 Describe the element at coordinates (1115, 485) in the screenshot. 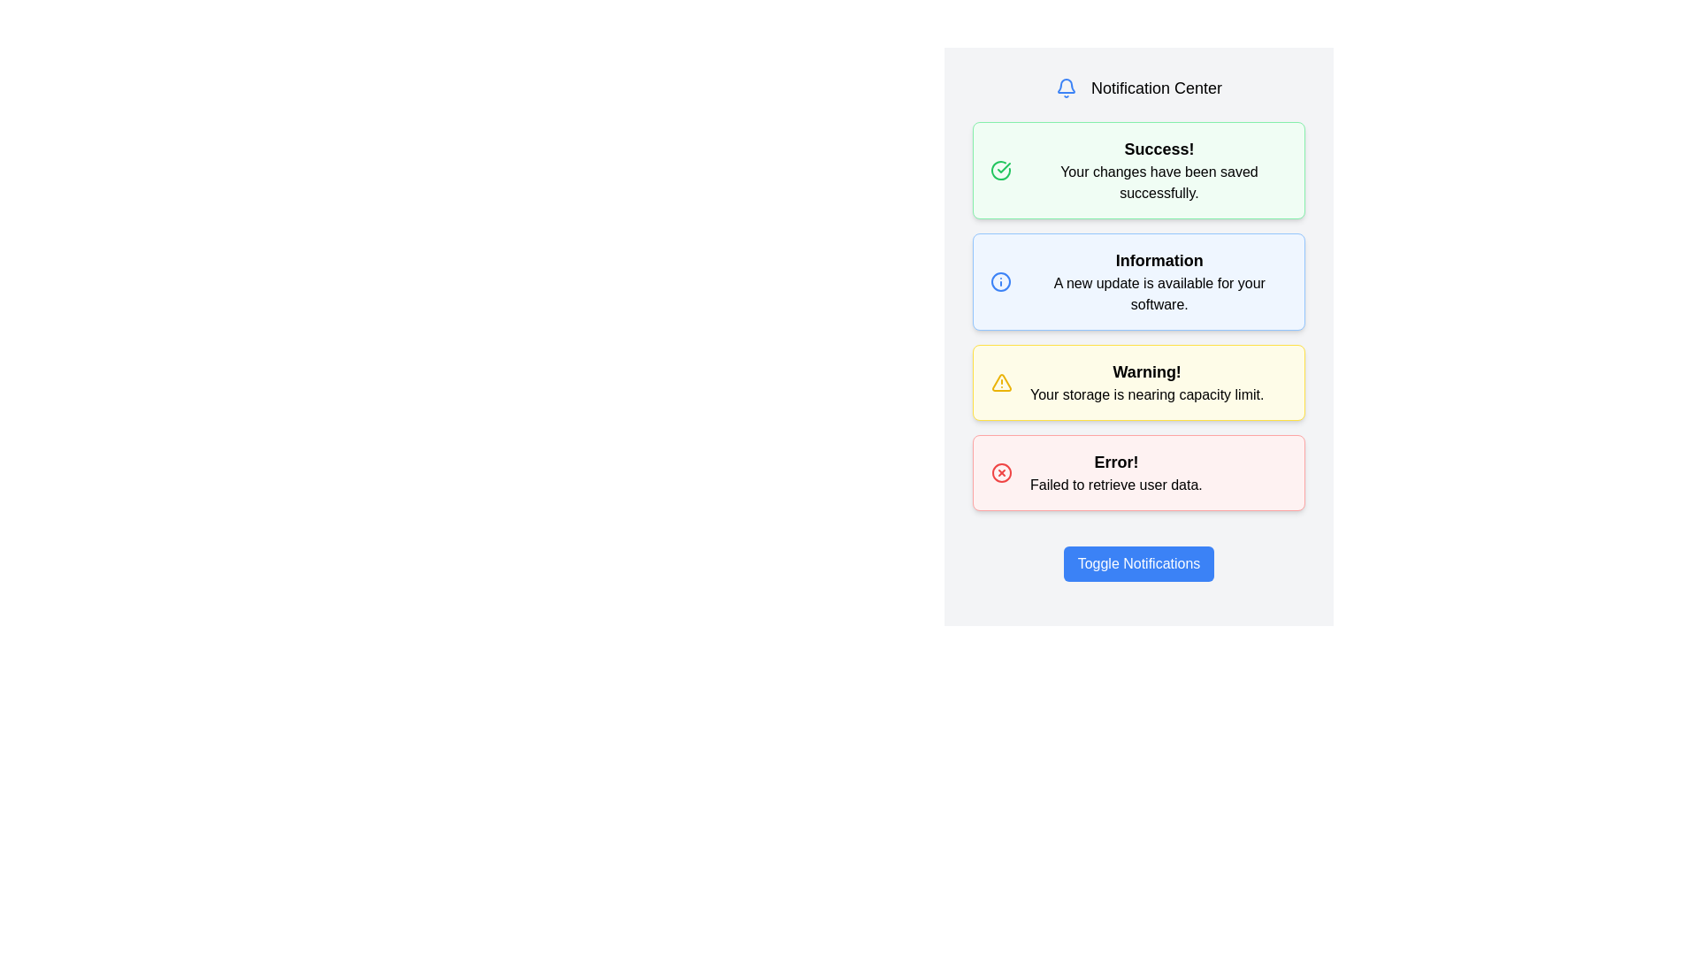

I see `the static text element displaying 'Failed to retrieve user data.' which is located under the 'Error!' heading in the red-bordered notification card` at that location.